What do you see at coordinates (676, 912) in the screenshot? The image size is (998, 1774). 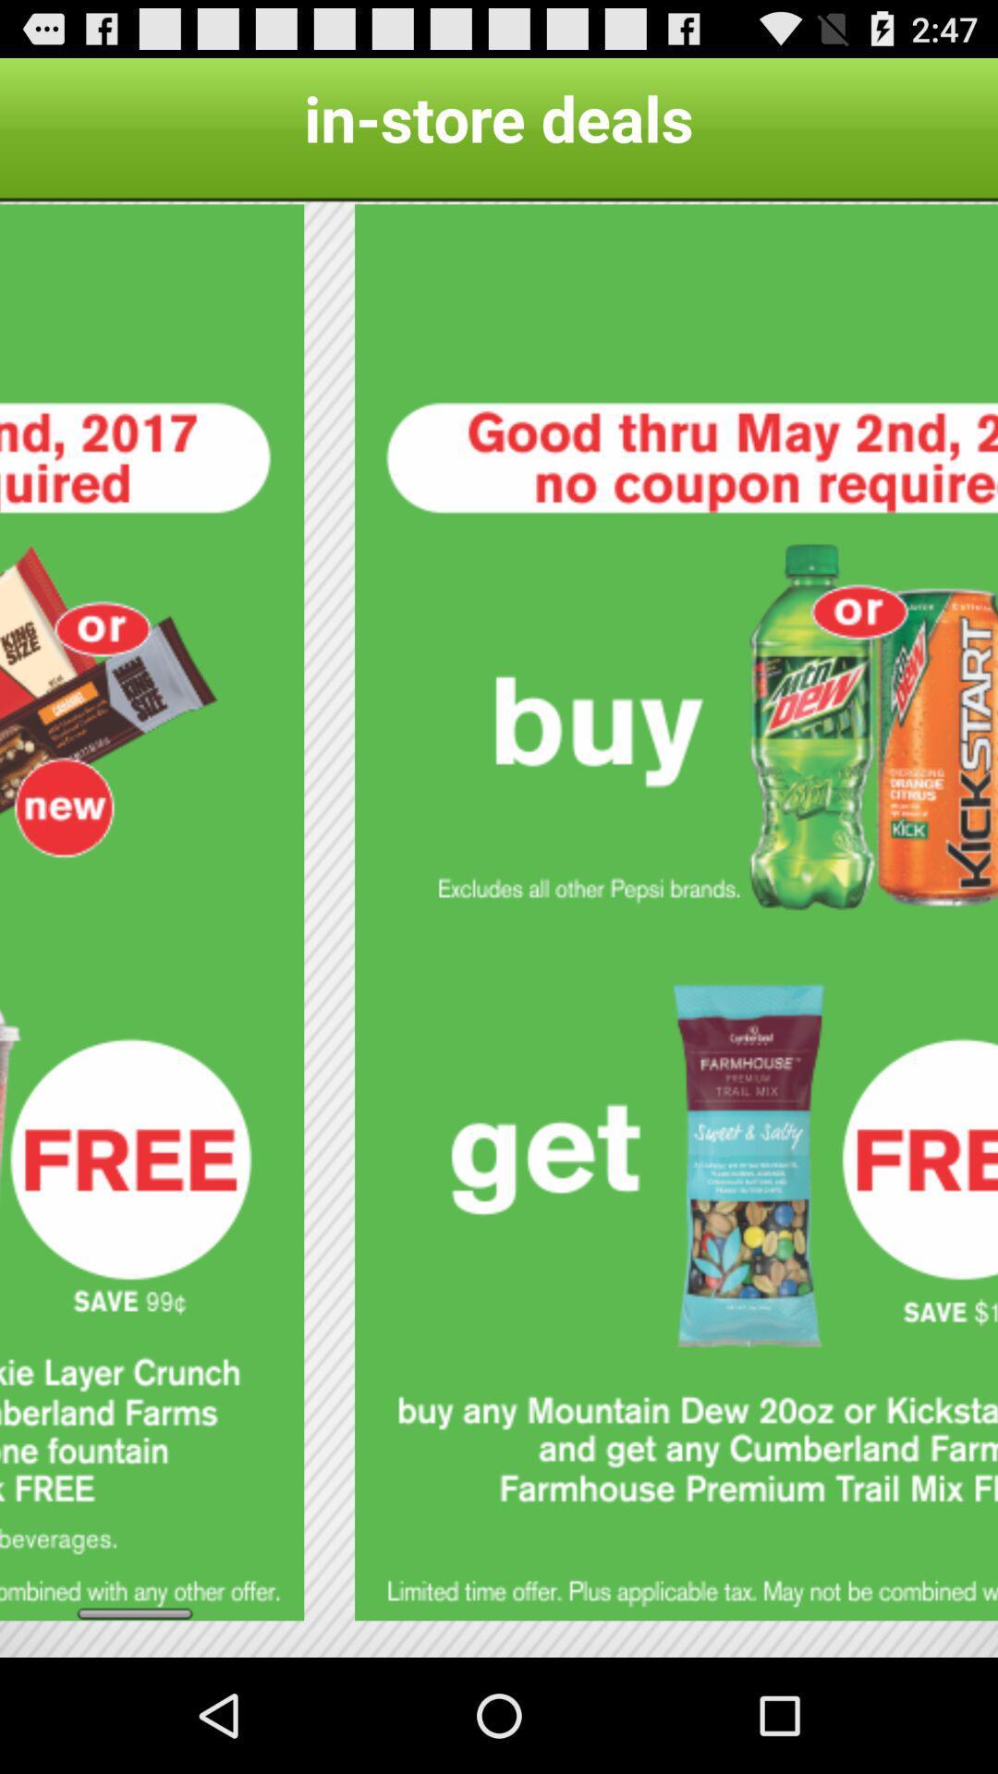 I see `this coupon` at bounding box center [676, 912].